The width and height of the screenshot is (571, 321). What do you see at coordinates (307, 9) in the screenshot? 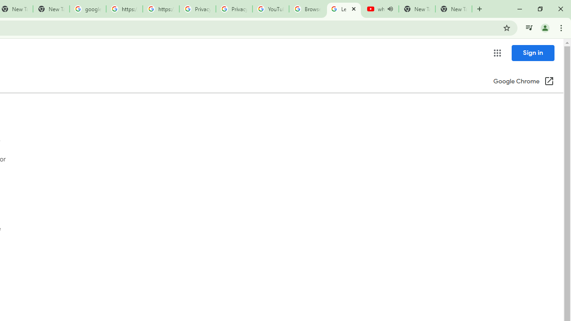
I see `'Browse Chrome as a guest - Computer - Google Chrome Help'` at bounding box center [307, 9].